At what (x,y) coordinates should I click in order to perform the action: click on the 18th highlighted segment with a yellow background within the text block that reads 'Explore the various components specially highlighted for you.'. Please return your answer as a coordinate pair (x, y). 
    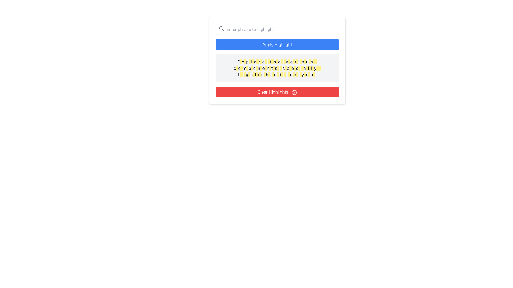
    Looking at the image, I should click on (309, 61).